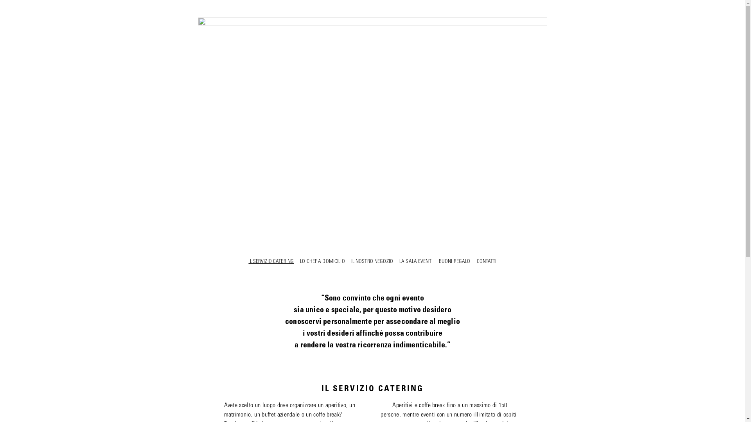  Describe the element at coordinates (372, 262) in the screenshot. I see `'IL NOSTRO NEGOZIO'` at that location.